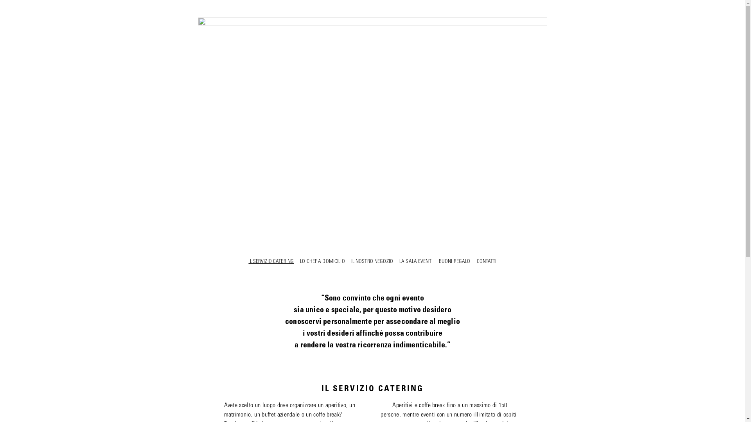  Describe the element at coordinates (372, 262) in the screenshot. I see `'IL NOSTRO NEGOZIO'` at that location.